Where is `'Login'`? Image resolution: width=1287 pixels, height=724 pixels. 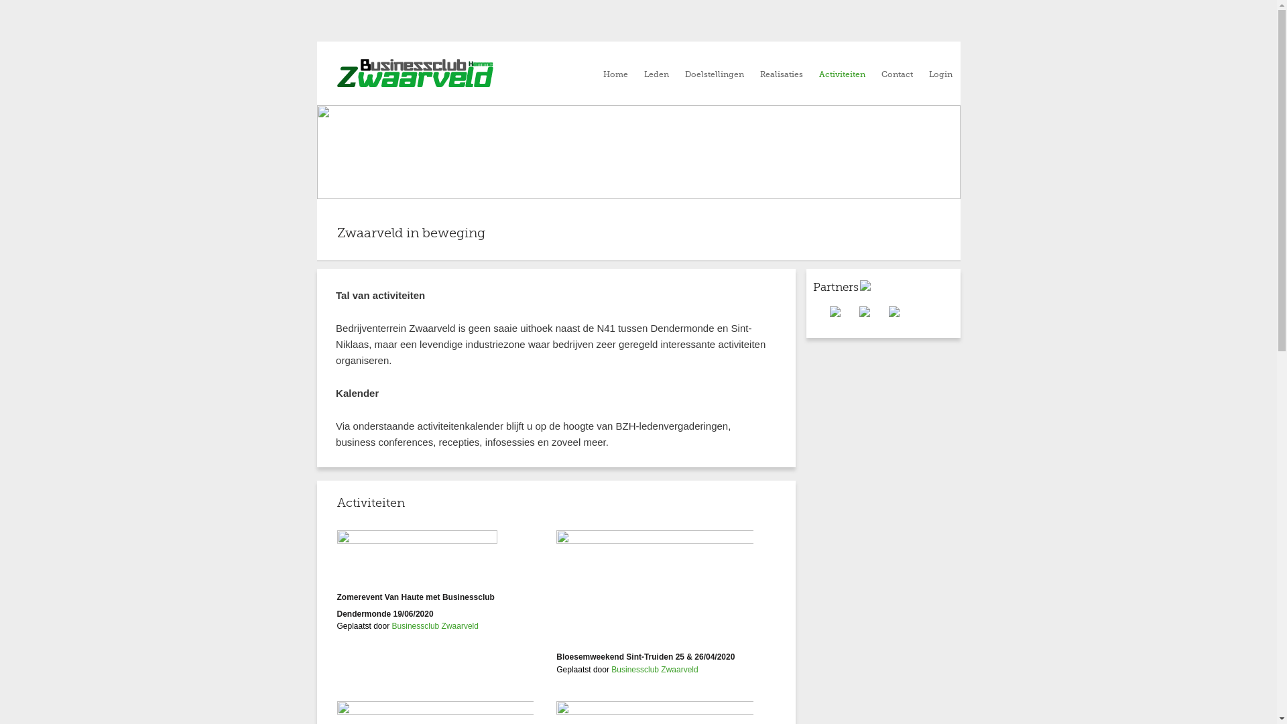
'Login' is located at coordinates (940, 74).